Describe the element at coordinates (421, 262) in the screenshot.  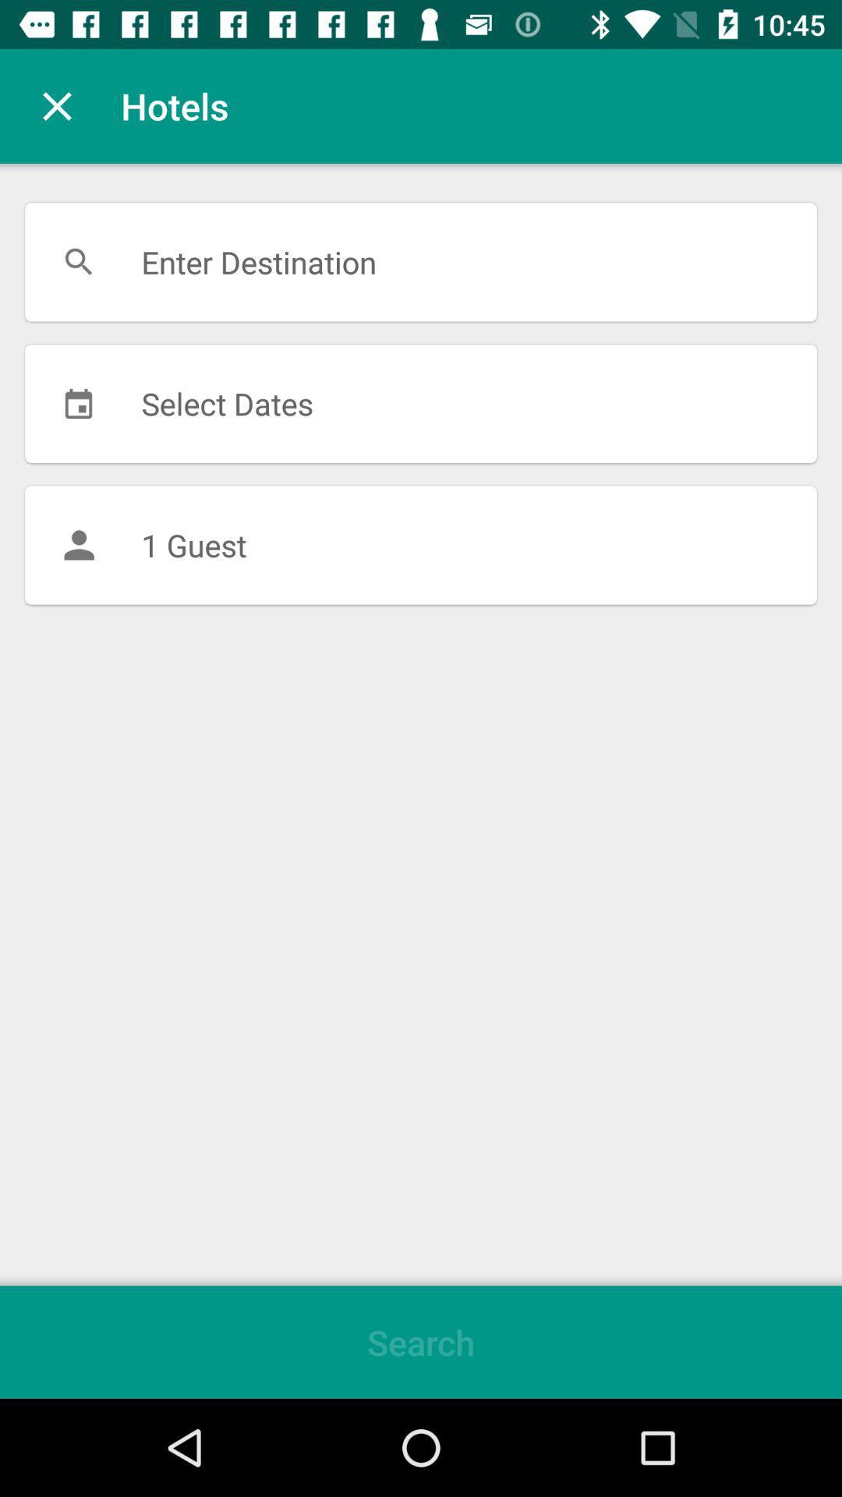
I see `enter destination` at that location.